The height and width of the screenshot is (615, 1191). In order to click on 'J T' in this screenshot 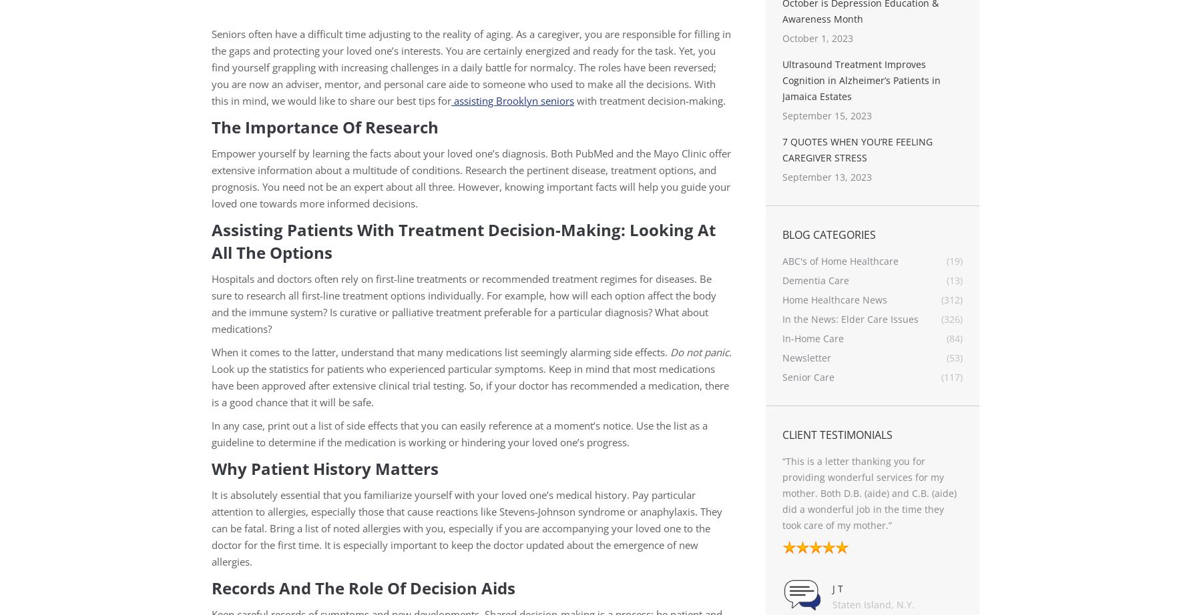, I will do `click(797, 587)`.